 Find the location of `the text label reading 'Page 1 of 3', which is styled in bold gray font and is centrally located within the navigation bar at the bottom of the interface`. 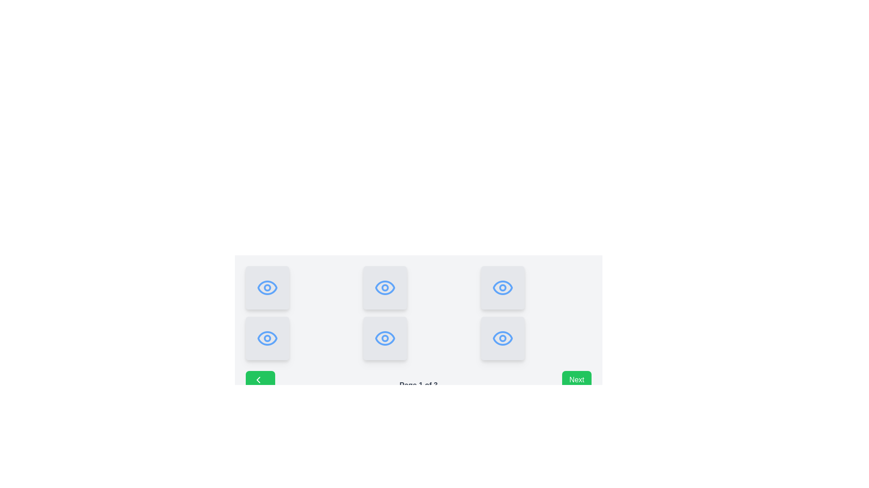

the text label reading 'Page 1 of 3', which is styled in bold gray font and is centrally located within the navigation bar at the bottom of the interface is located at coordinates (418, 385).